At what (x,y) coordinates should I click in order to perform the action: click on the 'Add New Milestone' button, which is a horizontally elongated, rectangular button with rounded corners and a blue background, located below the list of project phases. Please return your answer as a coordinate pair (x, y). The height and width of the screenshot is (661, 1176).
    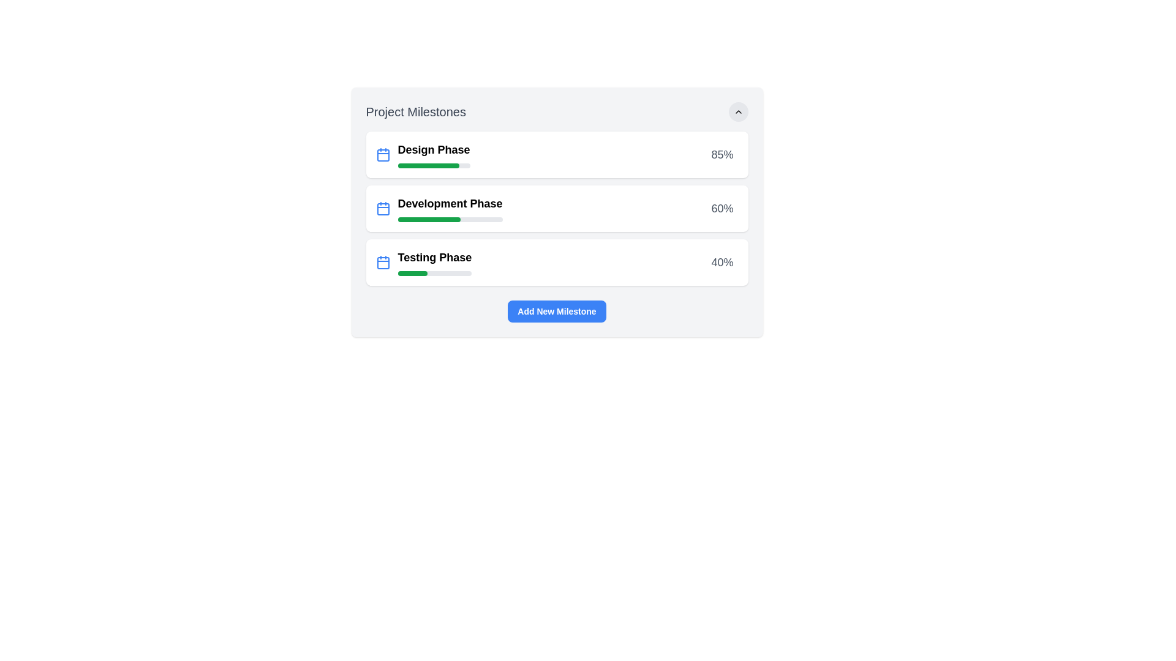
    Looking at the image, I should click on (556, 311).